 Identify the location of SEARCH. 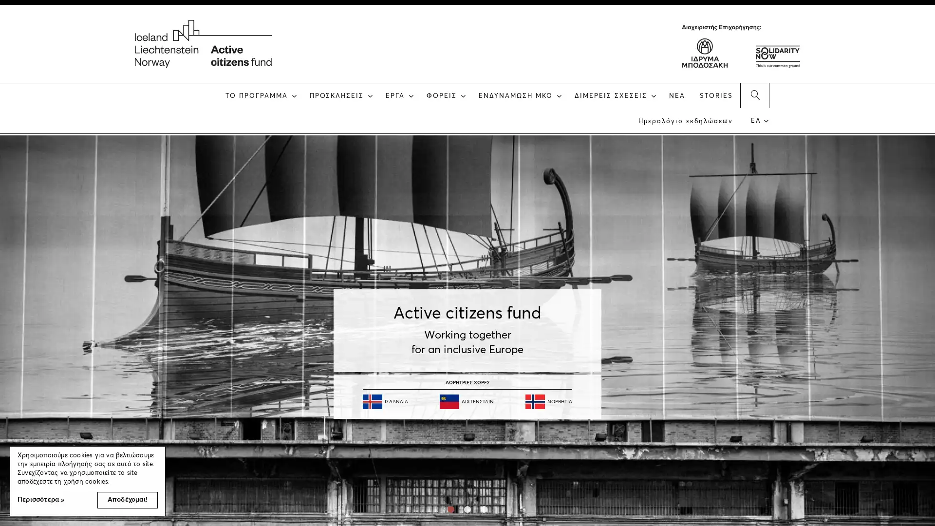
(754, 95).